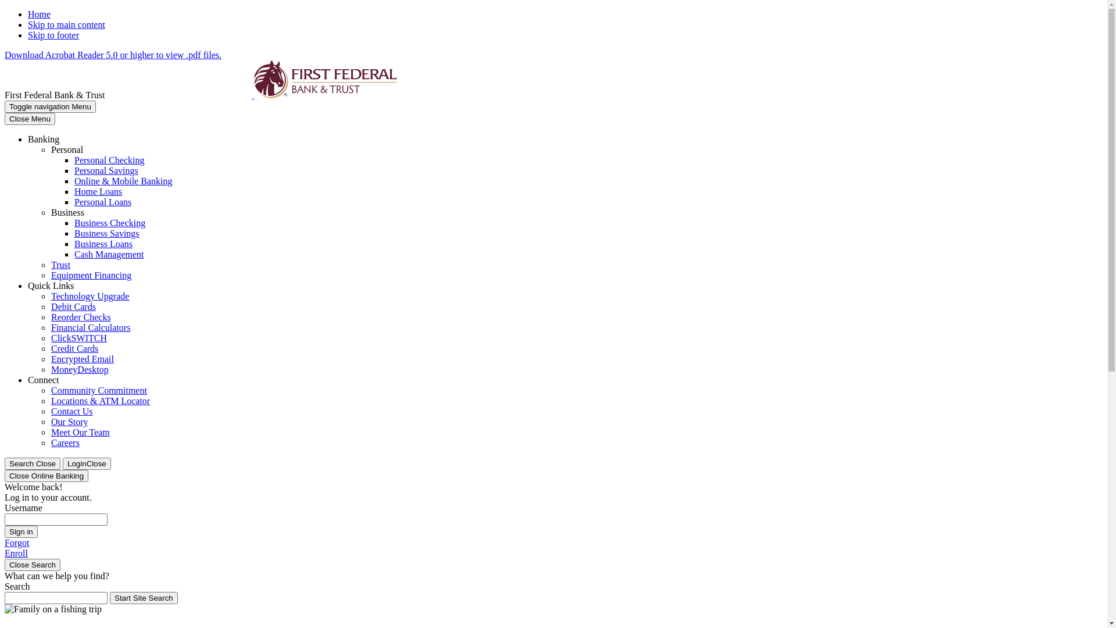 The width and height of the screenshot is (1116, 628). Describe the element at coordinates (73, 306) in the screenshot. I see `'Debit Cards'` at that location.